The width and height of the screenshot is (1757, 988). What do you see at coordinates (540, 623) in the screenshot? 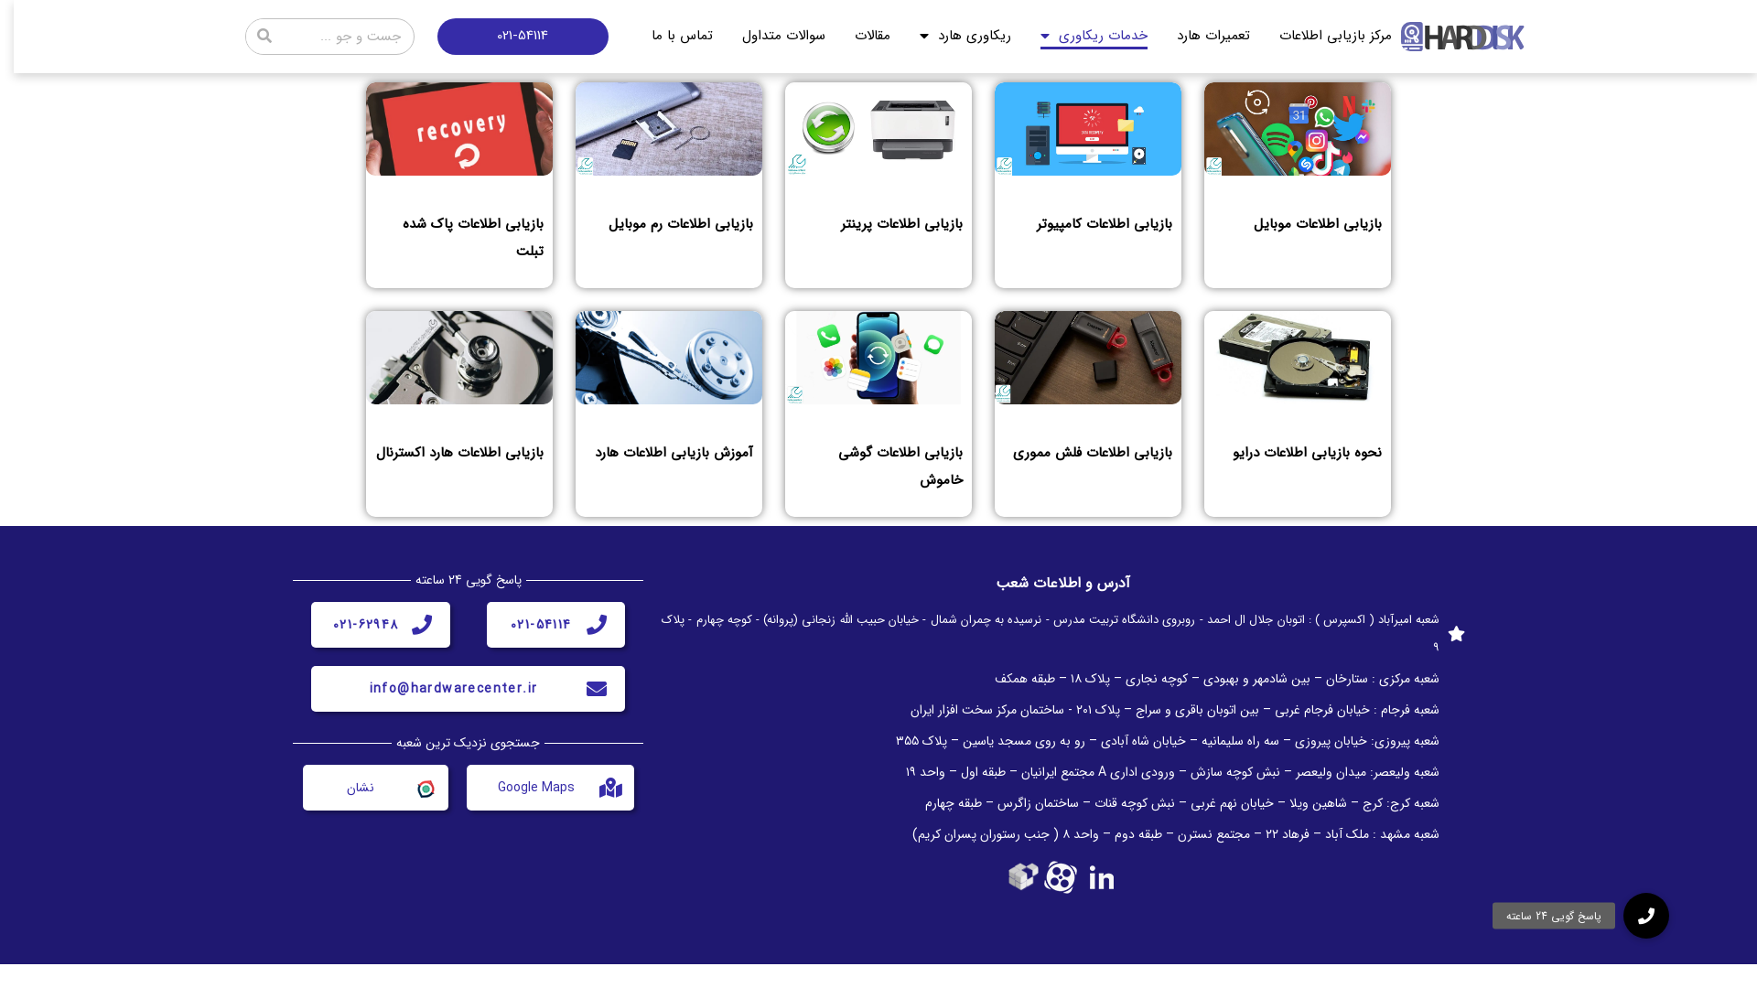
I see `'021-54114'` at bounding box center [540, 623].